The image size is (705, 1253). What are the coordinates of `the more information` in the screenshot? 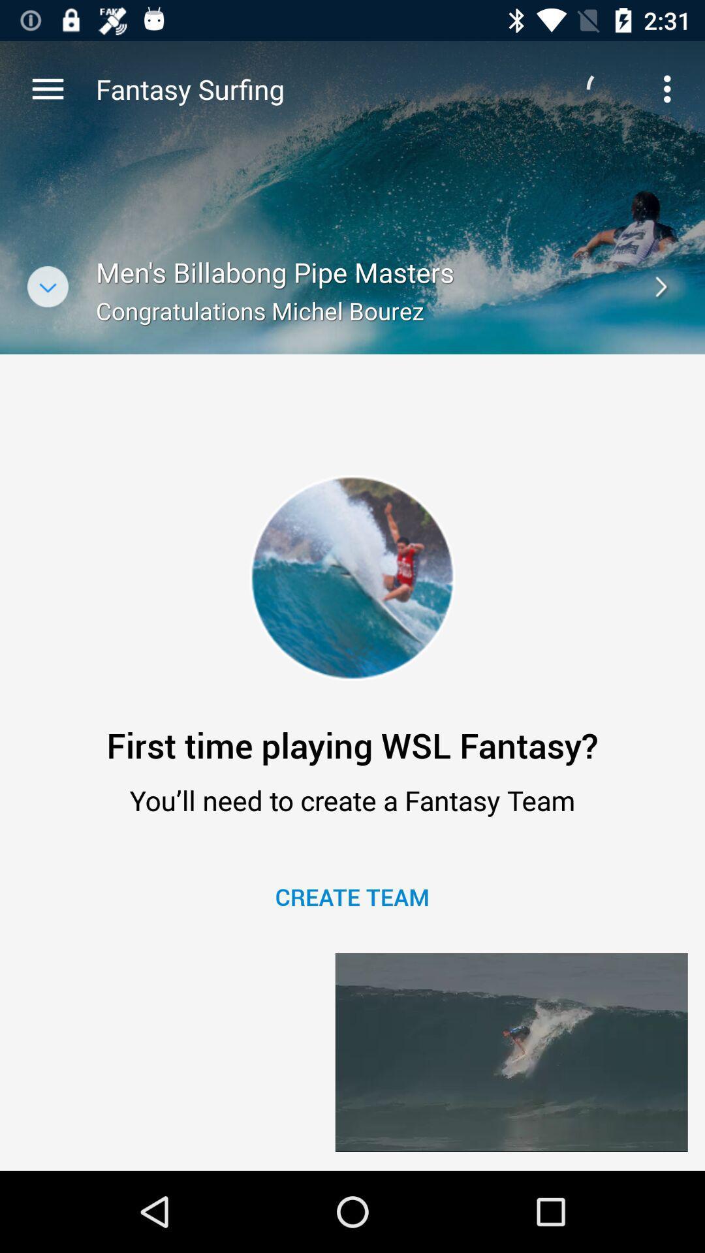 It's located at (47, 286).